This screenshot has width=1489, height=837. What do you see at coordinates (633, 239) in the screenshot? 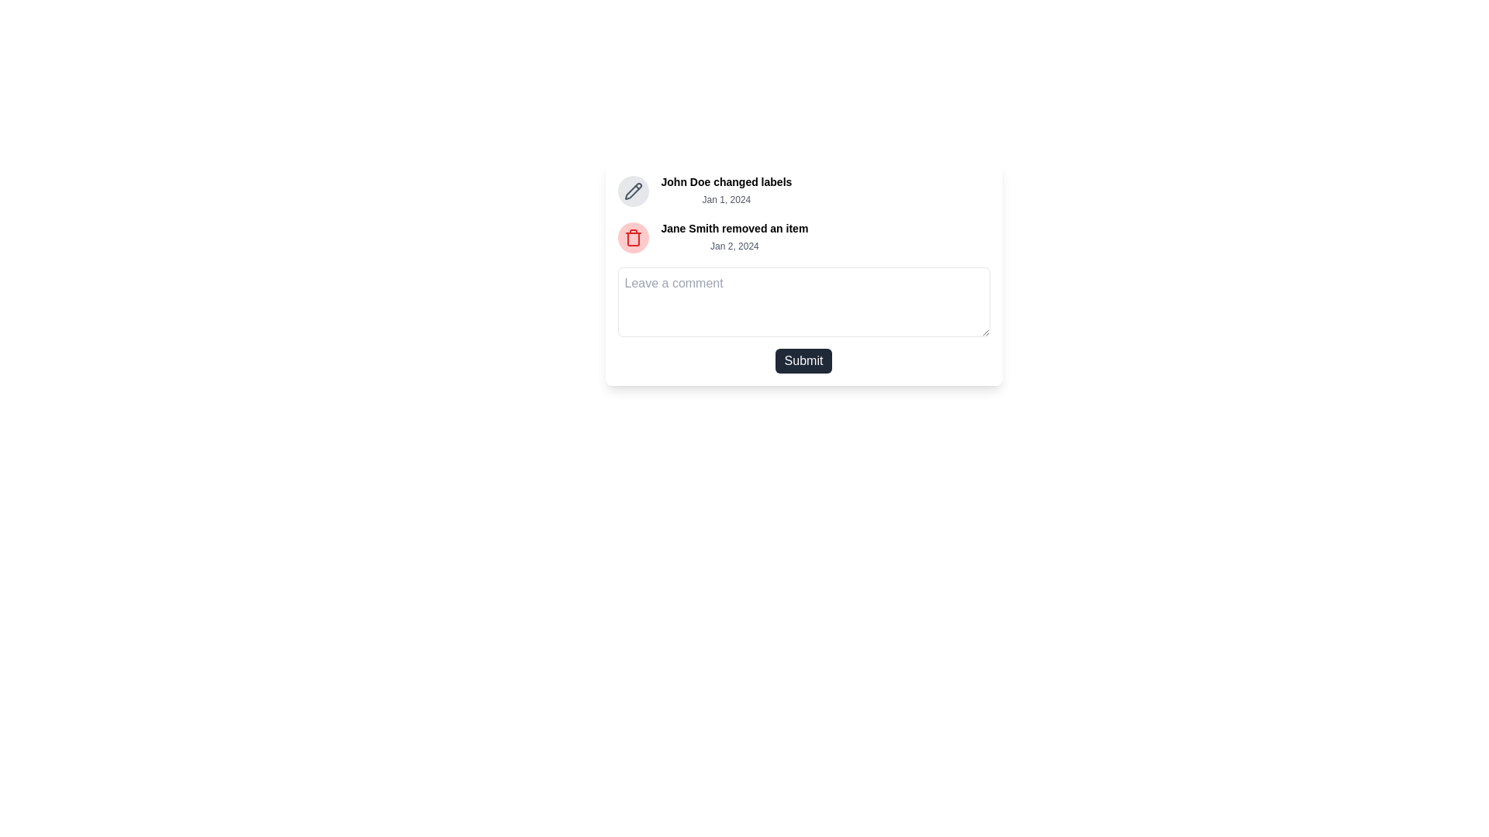
I see `the vertical body segment of the red trash can icon, which represents a delete action, located next to the 'Jane Smith removed an item' text` at bounding box center [633, 239].